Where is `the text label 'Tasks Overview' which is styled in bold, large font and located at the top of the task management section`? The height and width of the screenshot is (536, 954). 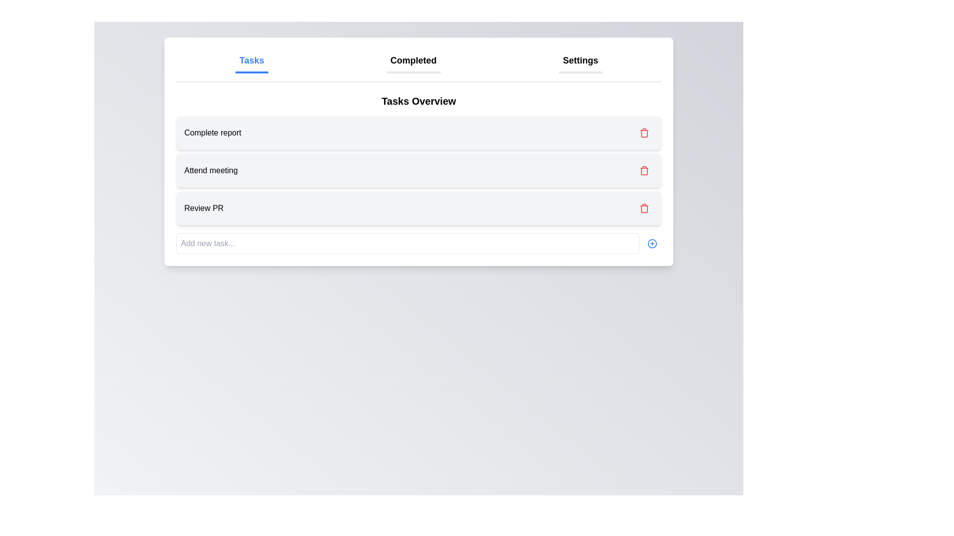
the text label 'Tasks Overview' which is styled in bold, large font and located at the top of the task management section is located at coordinates (419, 101).